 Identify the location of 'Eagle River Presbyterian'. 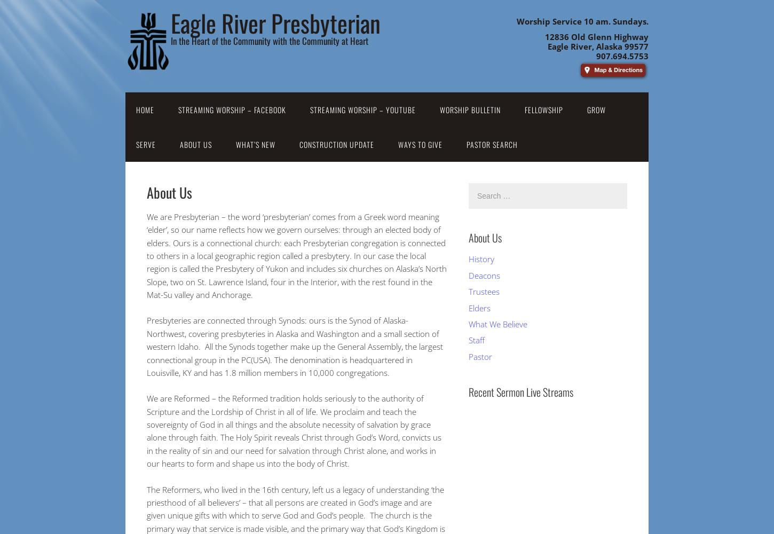
(275, 22).